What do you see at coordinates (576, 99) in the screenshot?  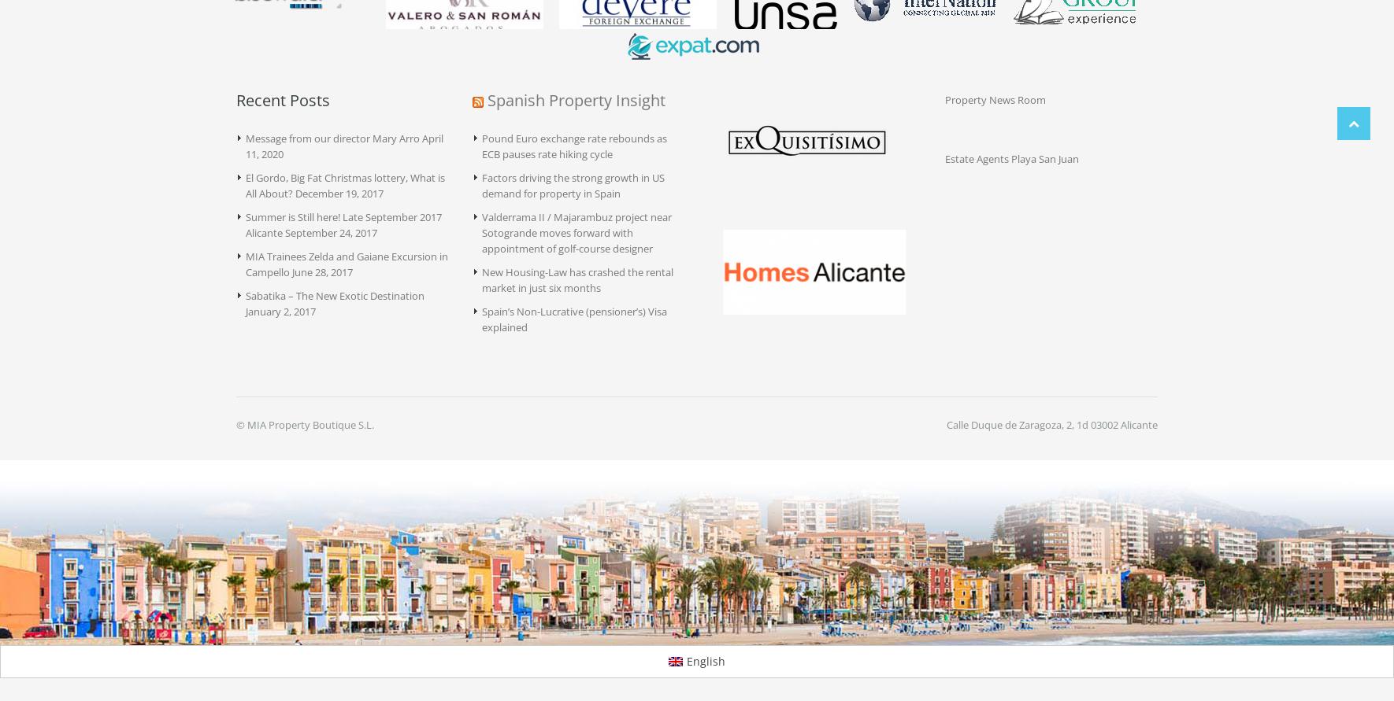 I see `'Spanish Property Insight'` at bounding box center [576, 99].